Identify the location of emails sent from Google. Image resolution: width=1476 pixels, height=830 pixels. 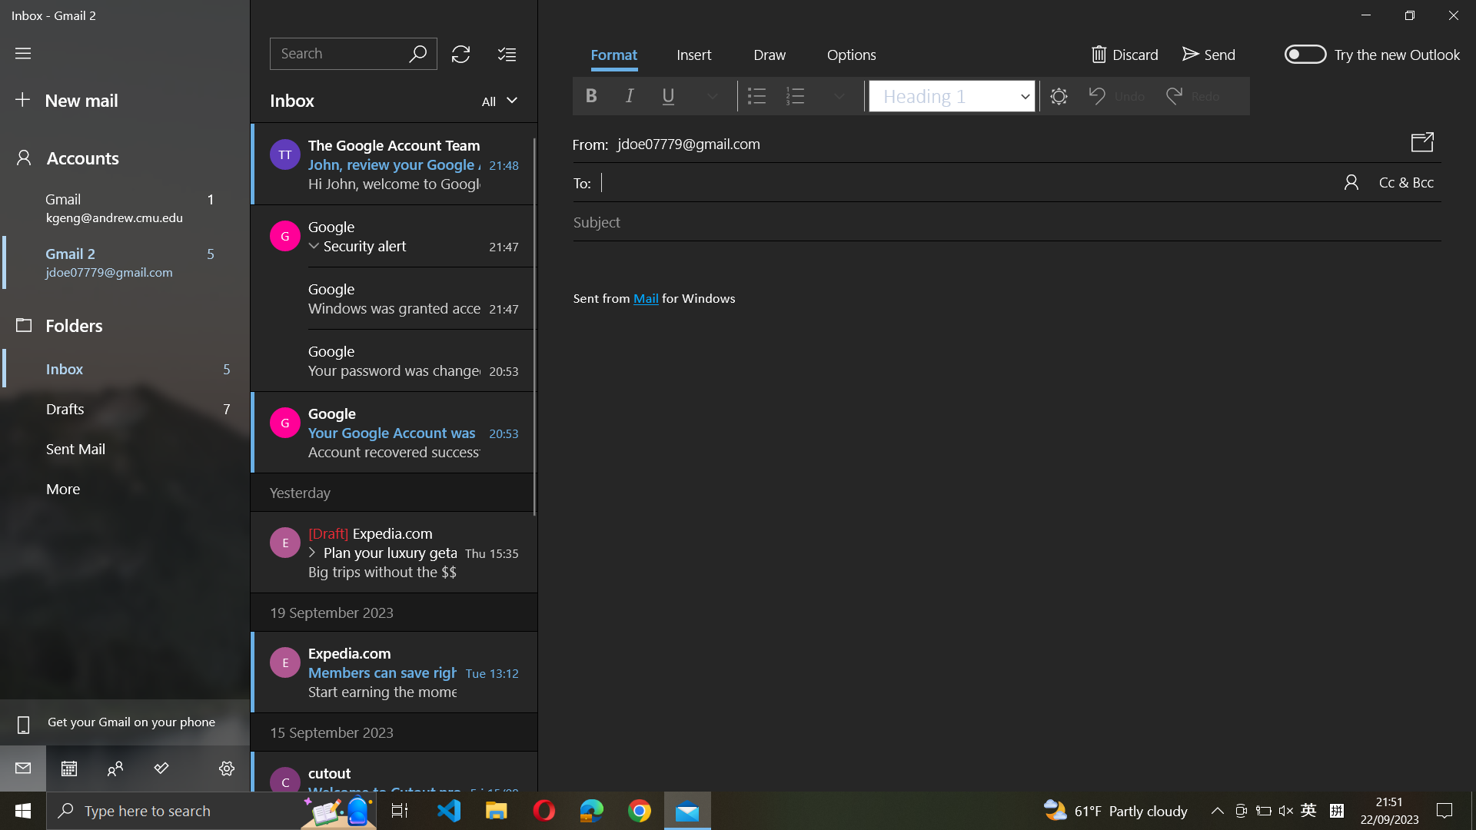
(353, 53).